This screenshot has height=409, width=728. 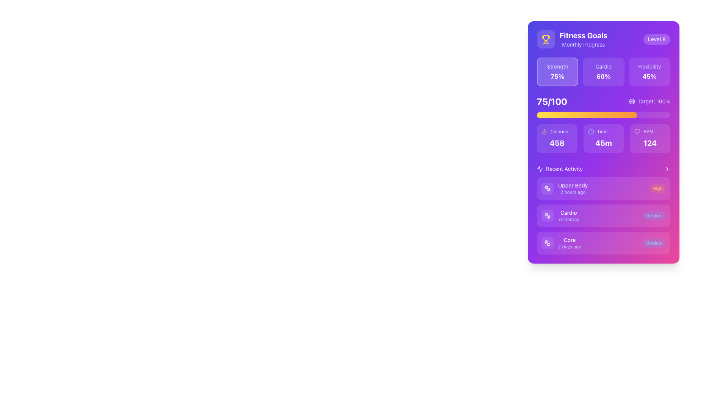 What do you see at coordinates (656, 39) in the screenshot?
I see `the label indicating the user's current level, located in the top-right corner of the 'Fitness Goals' card, aligned with the title and subtitle` at bounding box center [656, 39].